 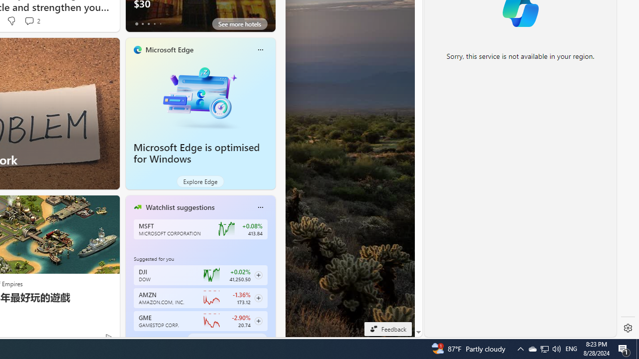 What do you see at coordinates (258, 321) in the screenshot?
I see `'Class: follow-button  m'` at bounding box center [258, 321].